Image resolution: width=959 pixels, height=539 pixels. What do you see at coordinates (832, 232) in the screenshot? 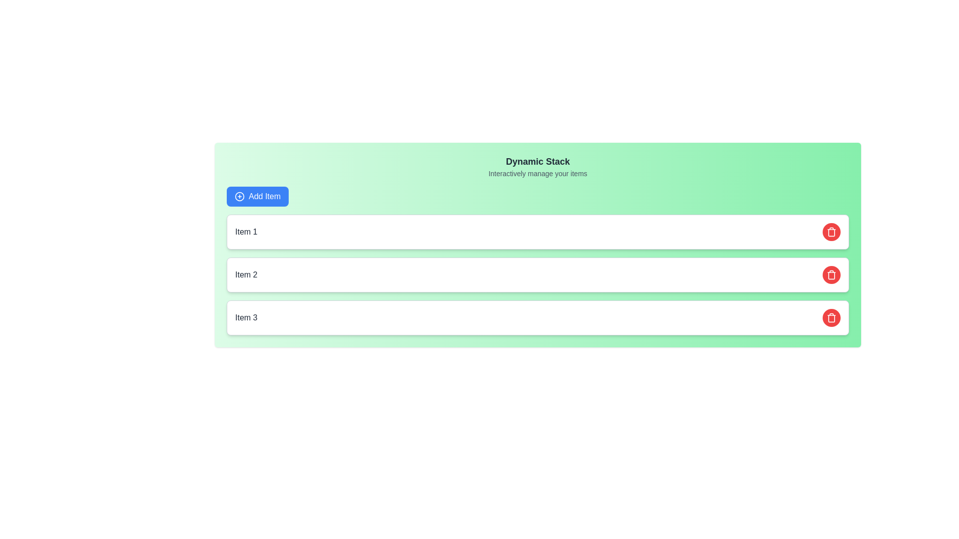
I see `the delete button for 'Item 1' to trigger the hover effect` at bounding box center [832, 232].